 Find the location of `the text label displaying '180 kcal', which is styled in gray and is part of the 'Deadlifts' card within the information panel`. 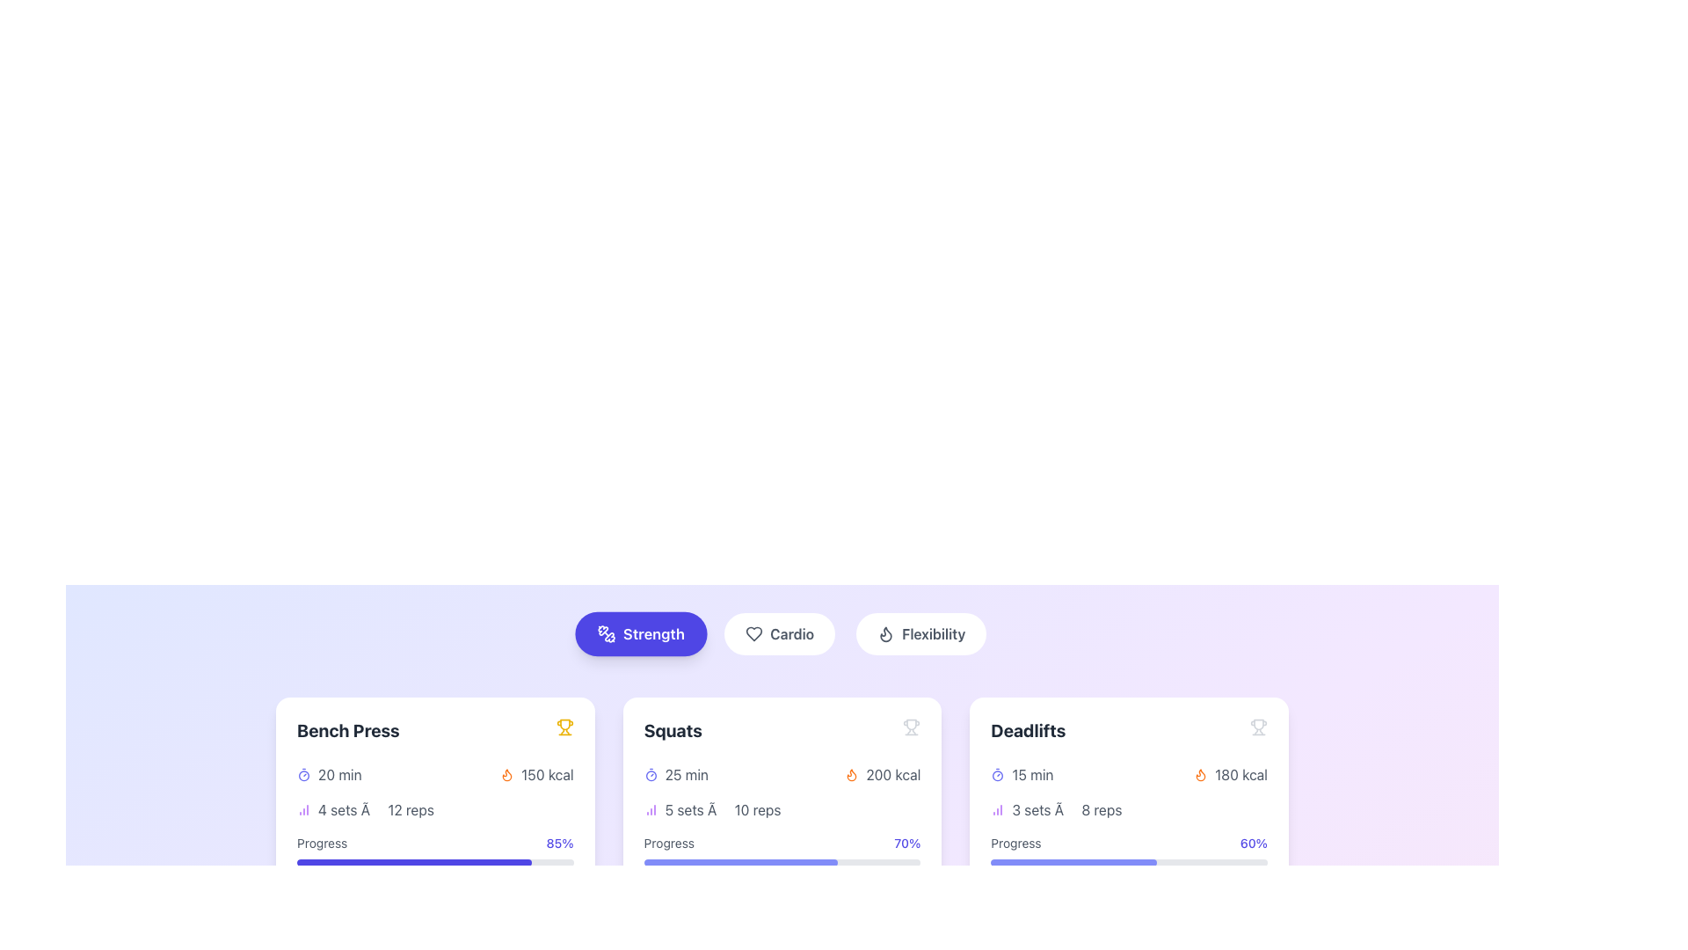

the text label displaying '180 kcal', which is styled in gray and is part of the 'Deadlifts' card within the information panel is located at coordinates (1240, 773).